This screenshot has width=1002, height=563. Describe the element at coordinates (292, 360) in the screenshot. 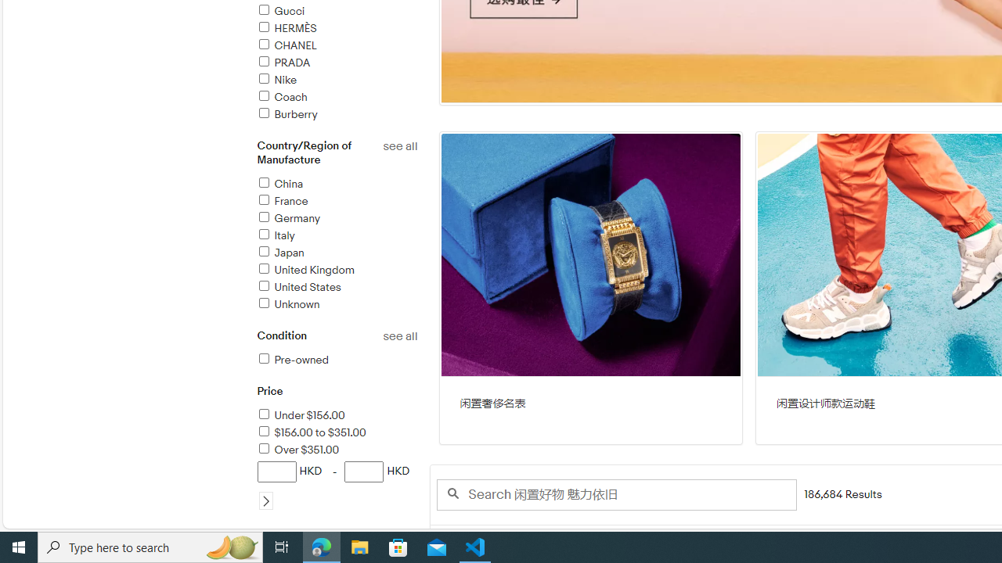

I see `'Pre-owned'` at that location.